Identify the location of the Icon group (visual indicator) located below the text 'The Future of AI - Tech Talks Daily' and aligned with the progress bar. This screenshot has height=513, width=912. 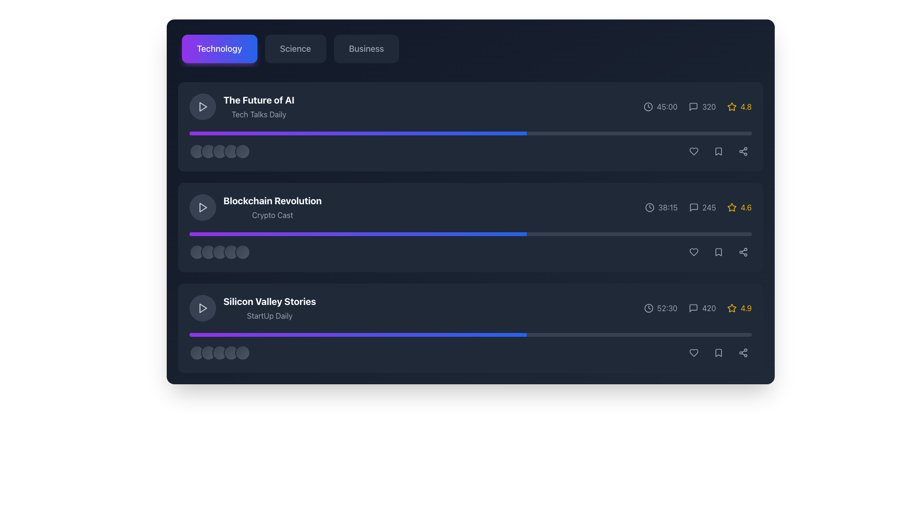
(219, 151).